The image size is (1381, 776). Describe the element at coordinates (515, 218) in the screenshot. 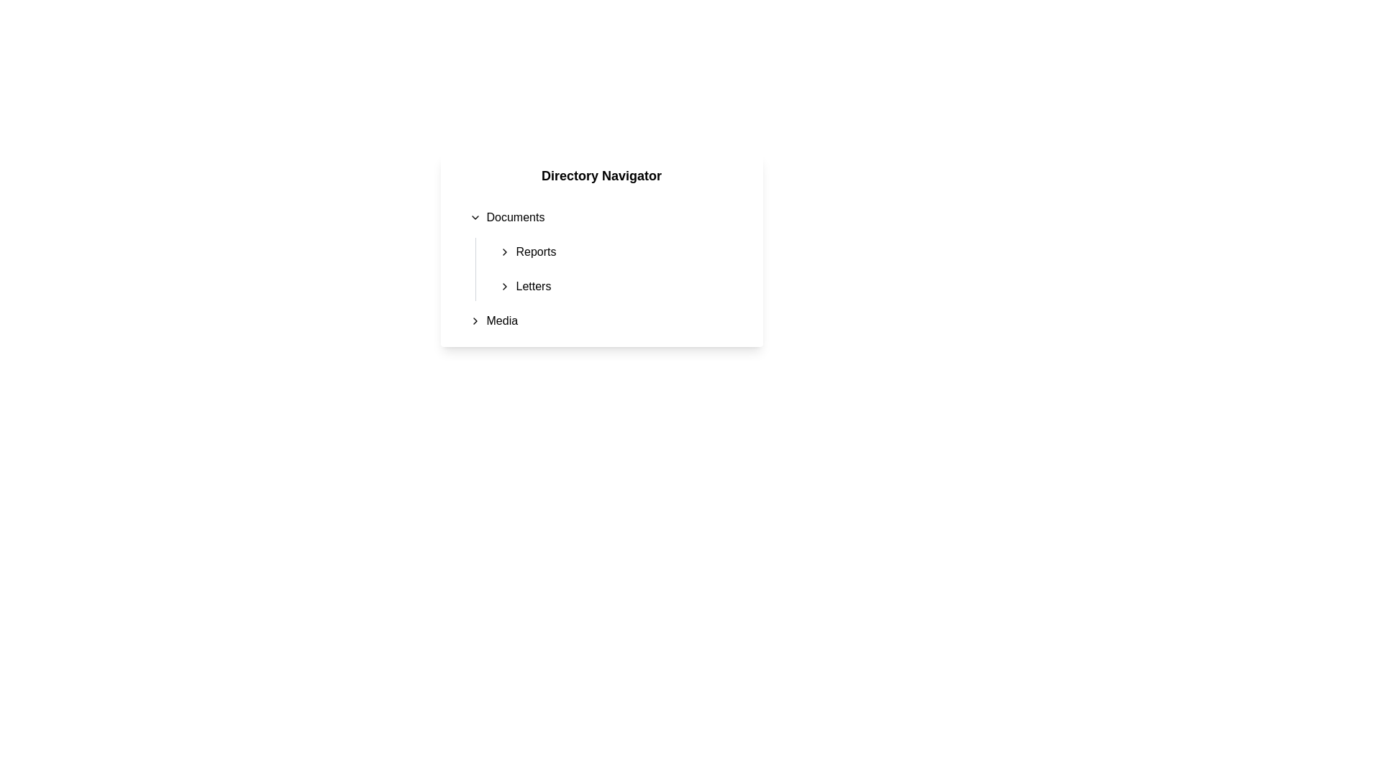

I see `the text label displaying 'Documents' located near the top-left area of the central content block` at that location.